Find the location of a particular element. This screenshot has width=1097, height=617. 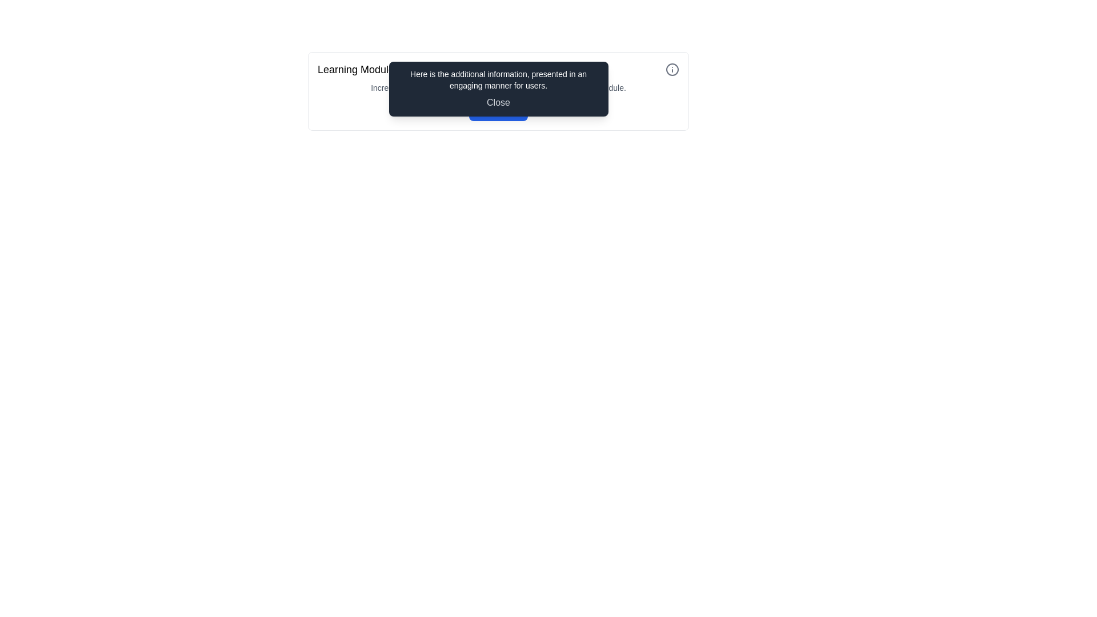

the close button located at the bottom of the modal is located at coordinates (498, 103).